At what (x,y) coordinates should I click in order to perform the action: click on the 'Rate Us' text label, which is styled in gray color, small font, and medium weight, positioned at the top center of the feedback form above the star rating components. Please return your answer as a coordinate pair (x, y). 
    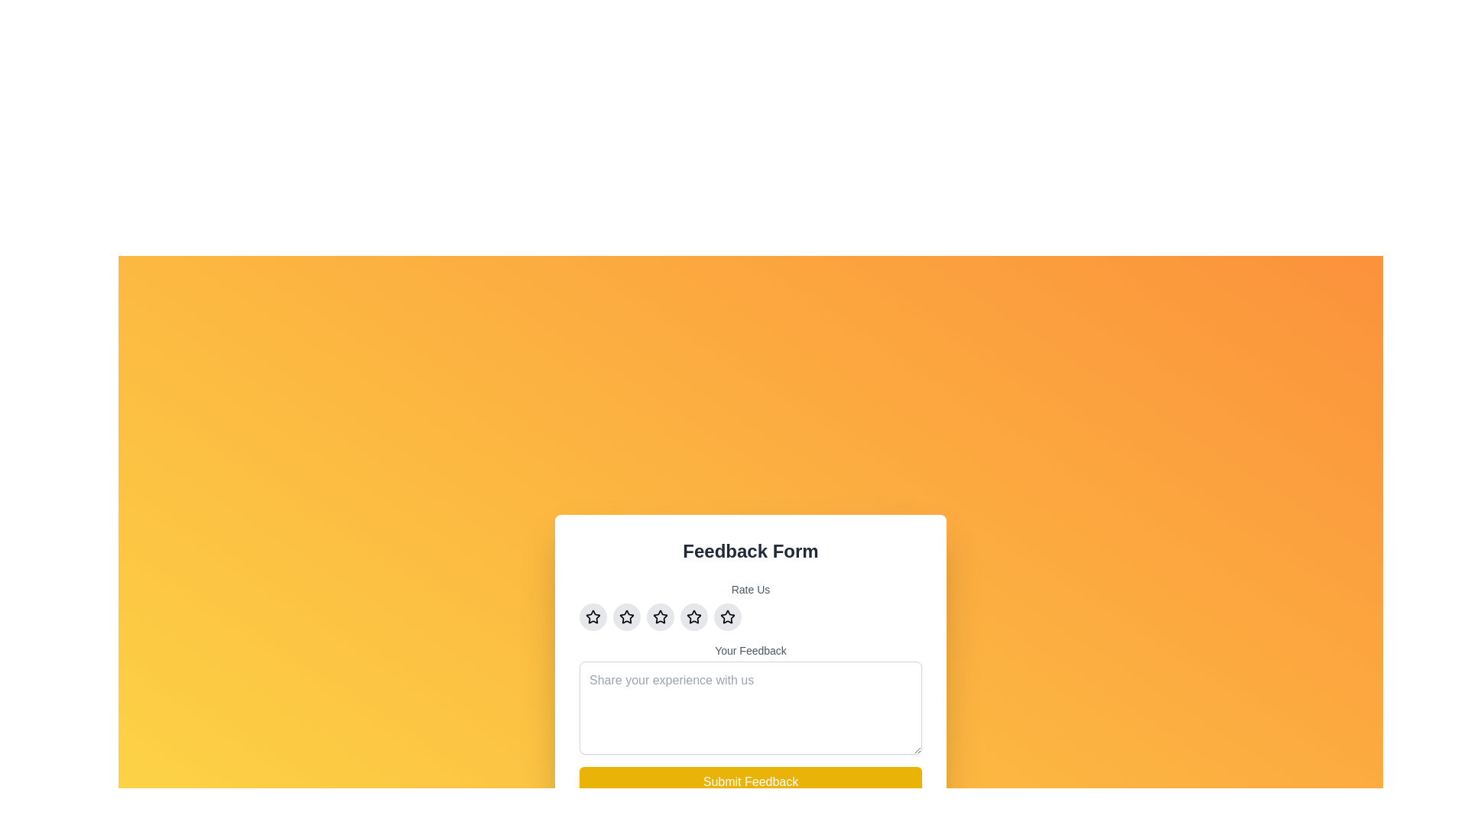
    Looking at the image, I should click on (751, 588).